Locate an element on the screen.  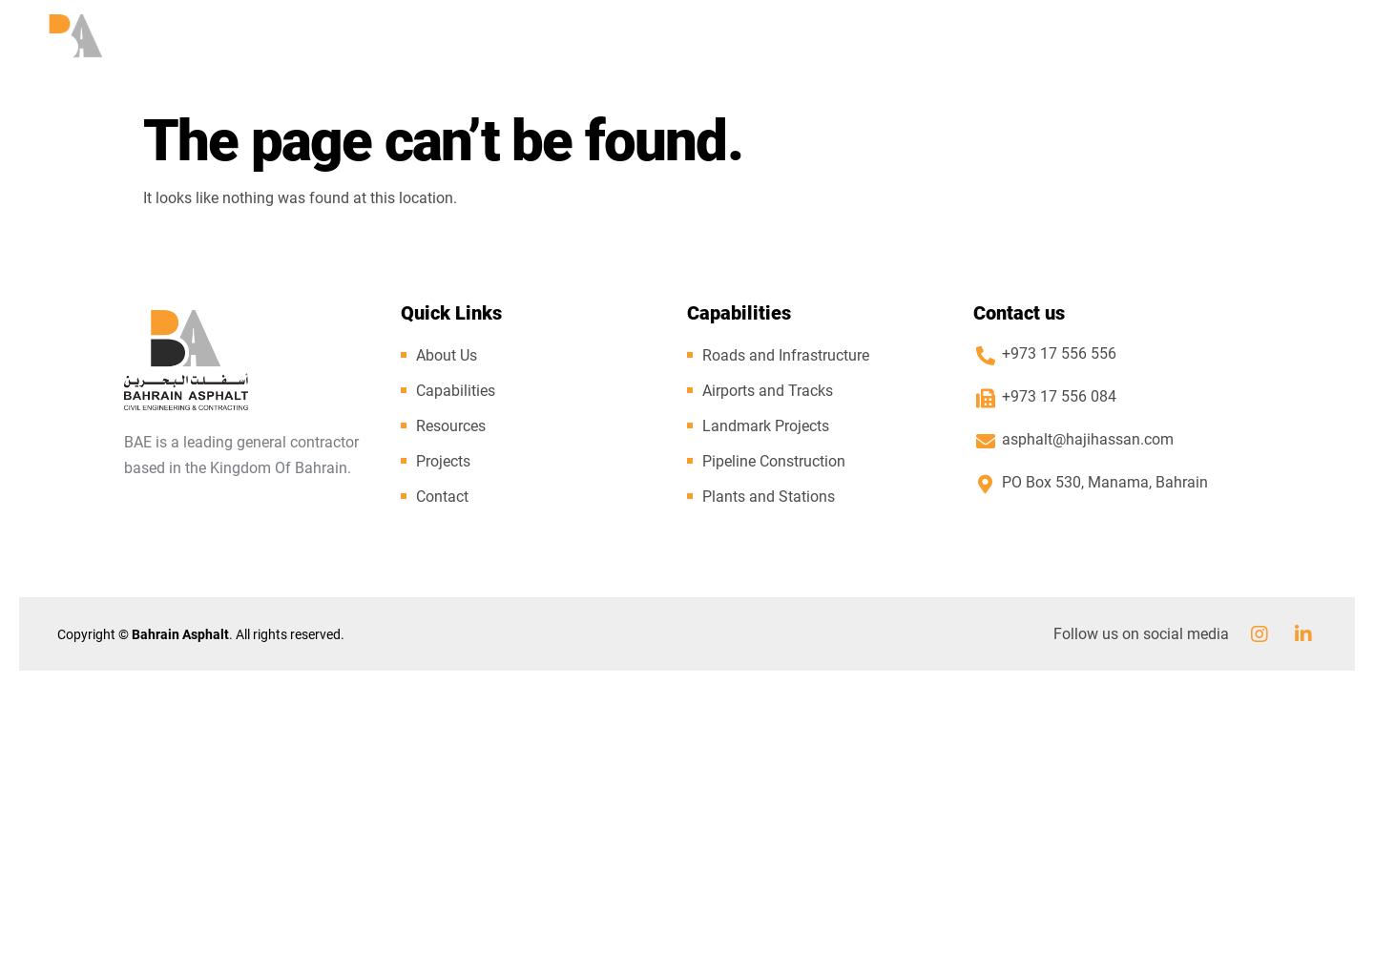
'+973 17 556 084' is located at coordinates (1057, 396).